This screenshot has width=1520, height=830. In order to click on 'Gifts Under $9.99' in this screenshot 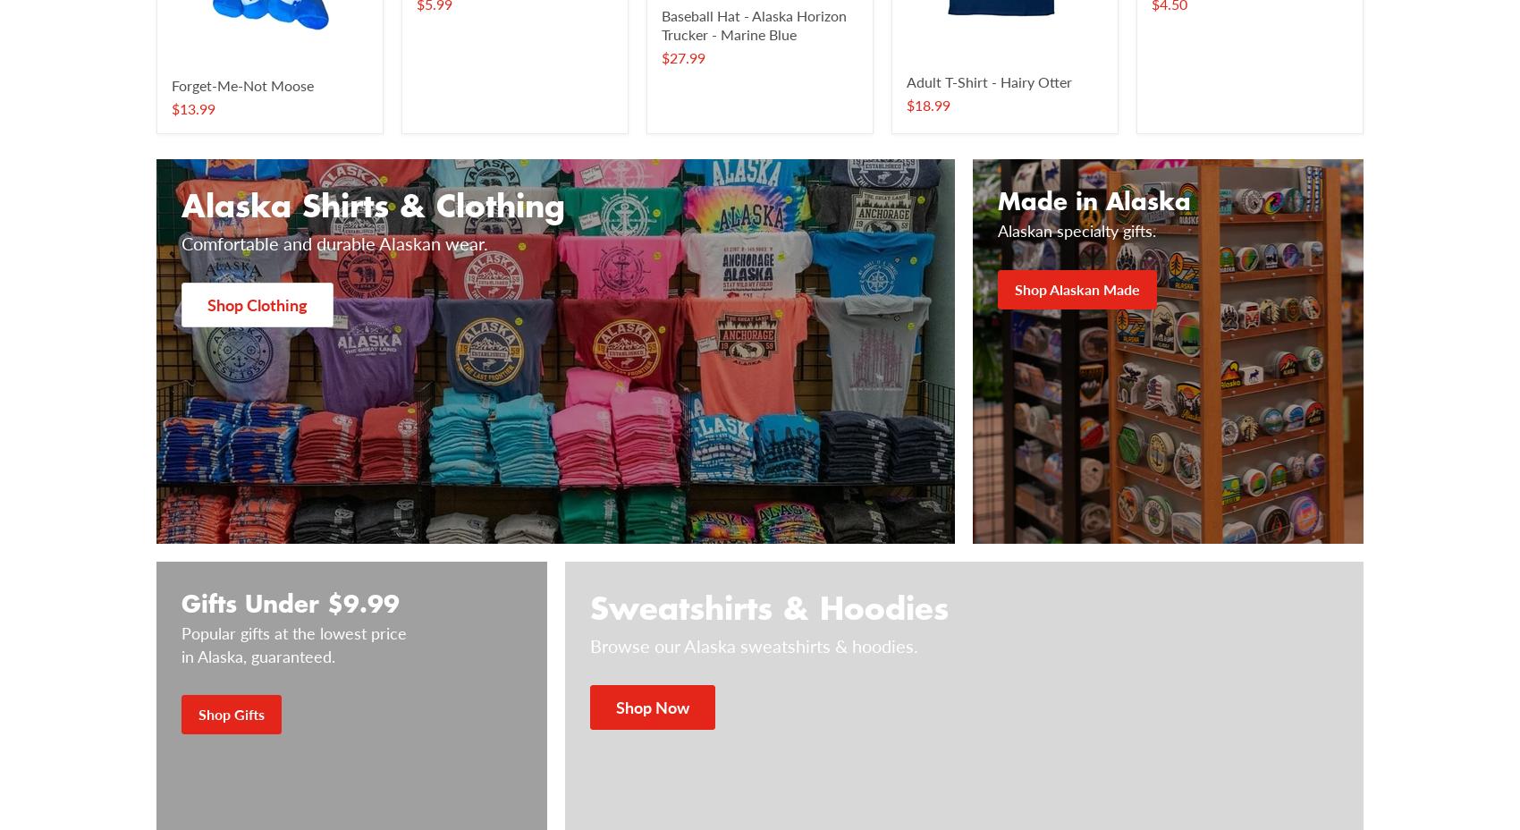, I will do `click(180, 601)`.